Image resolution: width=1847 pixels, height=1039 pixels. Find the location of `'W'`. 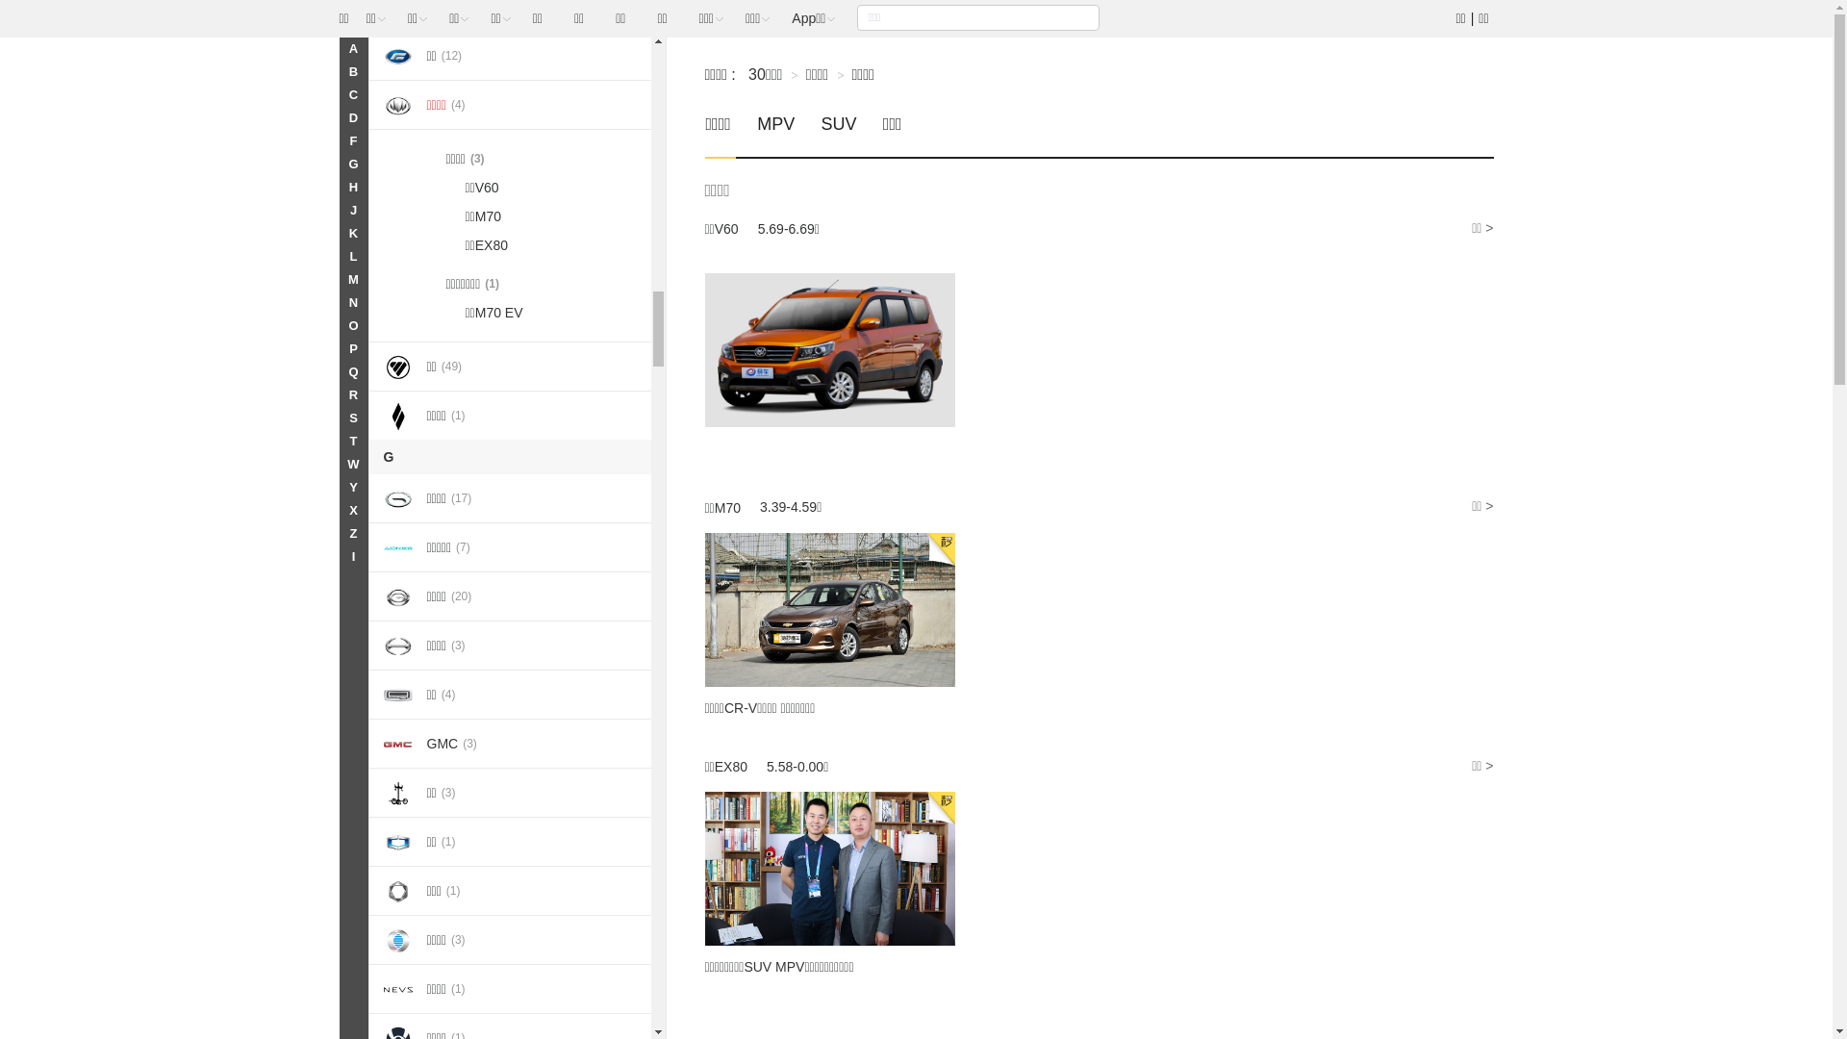

'W' is located at coordinates (352, 464).